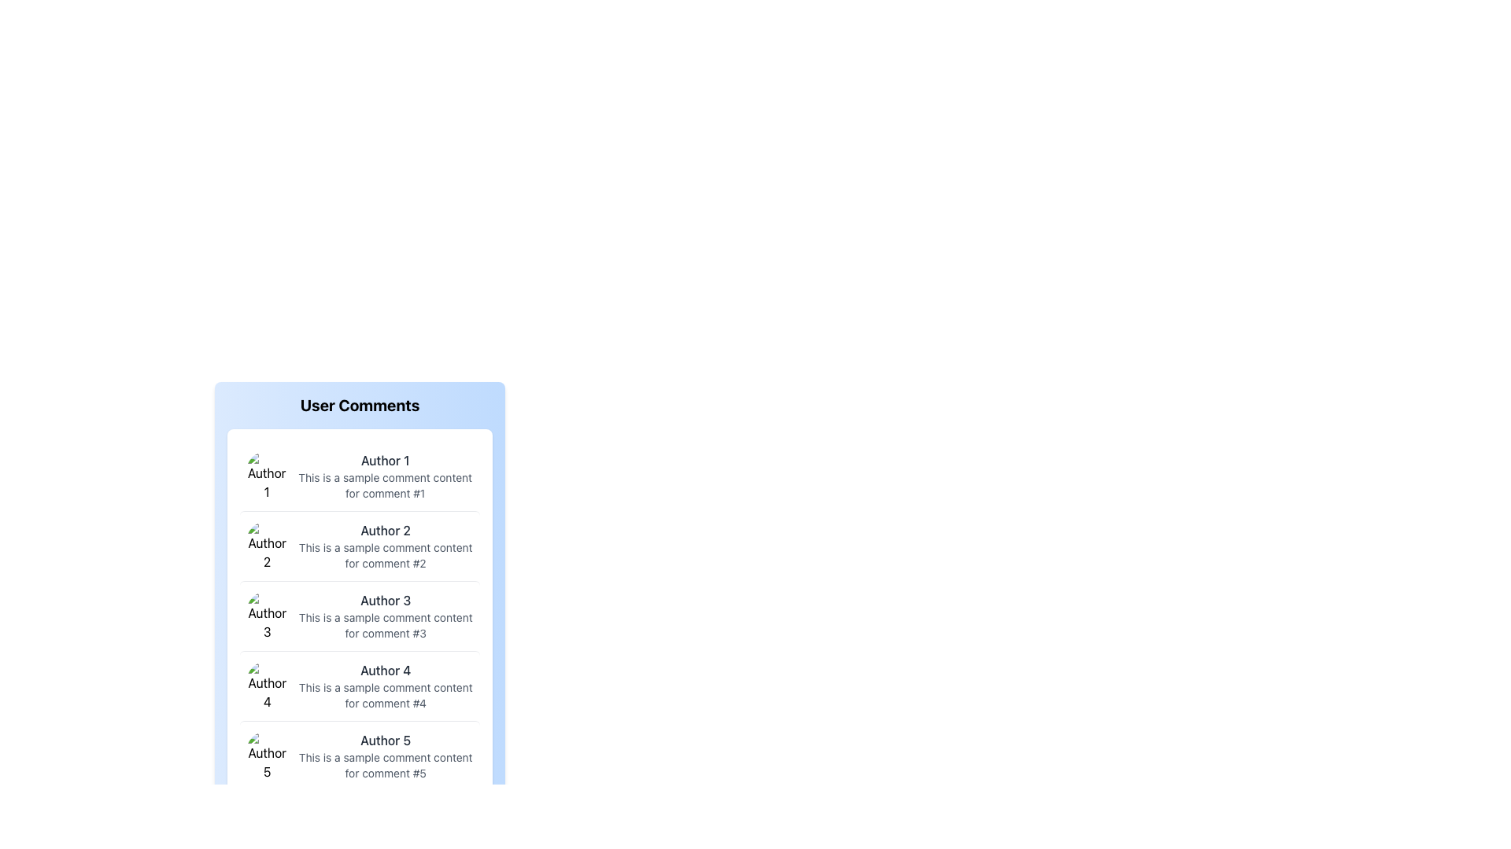  I want to click on the static text that displays the comment 'This is a sample comment content for comment #5' associated with 'Author 5' in the user comments section, so click(386, 765).